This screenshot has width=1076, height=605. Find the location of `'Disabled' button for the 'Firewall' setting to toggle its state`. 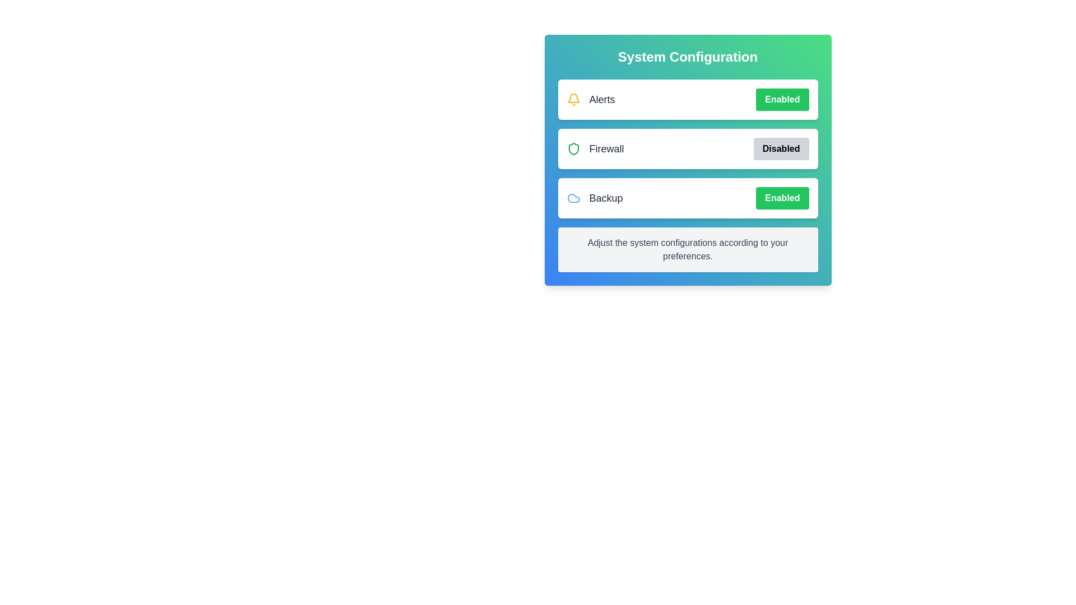

'Disabled' button for the 'Firewall' setting to toggle its state is located at coordinates (780, 148).